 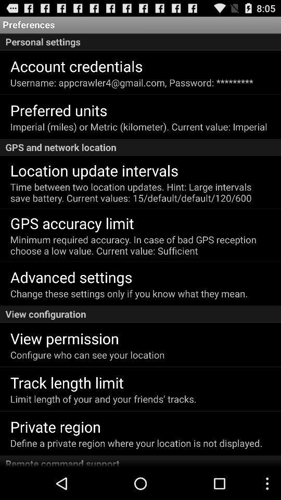 I want to click on advanced settings, so click(x=71, y=276).